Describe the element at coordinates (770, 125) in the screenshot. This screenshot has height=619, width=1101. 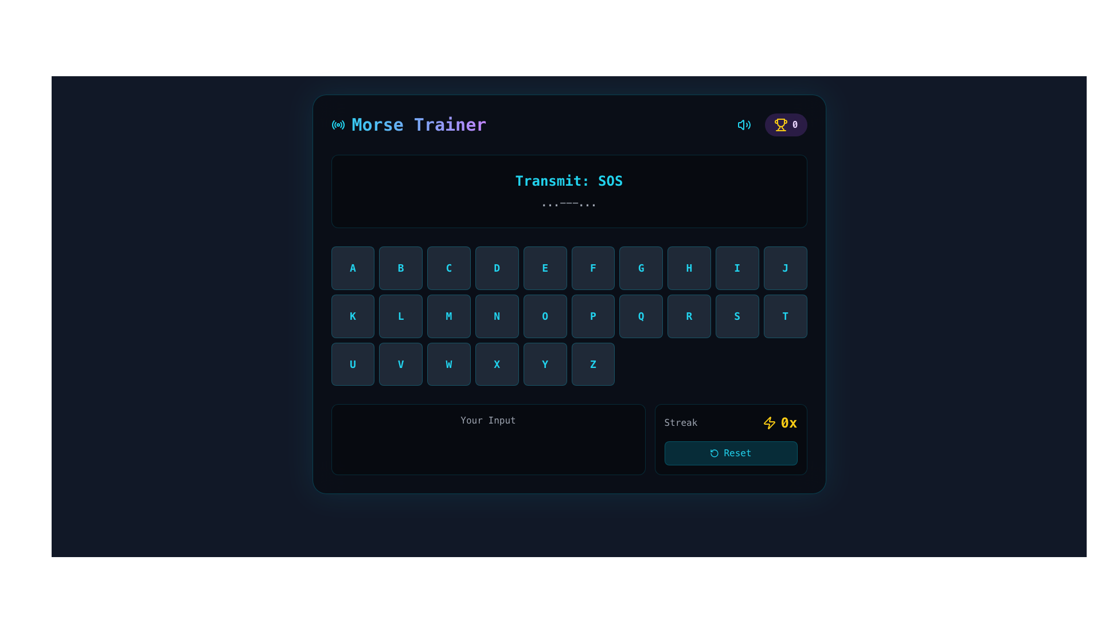
I see `the Score indicator located in the top right section of the application interface, adjacent to the blue speaker icon` at that location.